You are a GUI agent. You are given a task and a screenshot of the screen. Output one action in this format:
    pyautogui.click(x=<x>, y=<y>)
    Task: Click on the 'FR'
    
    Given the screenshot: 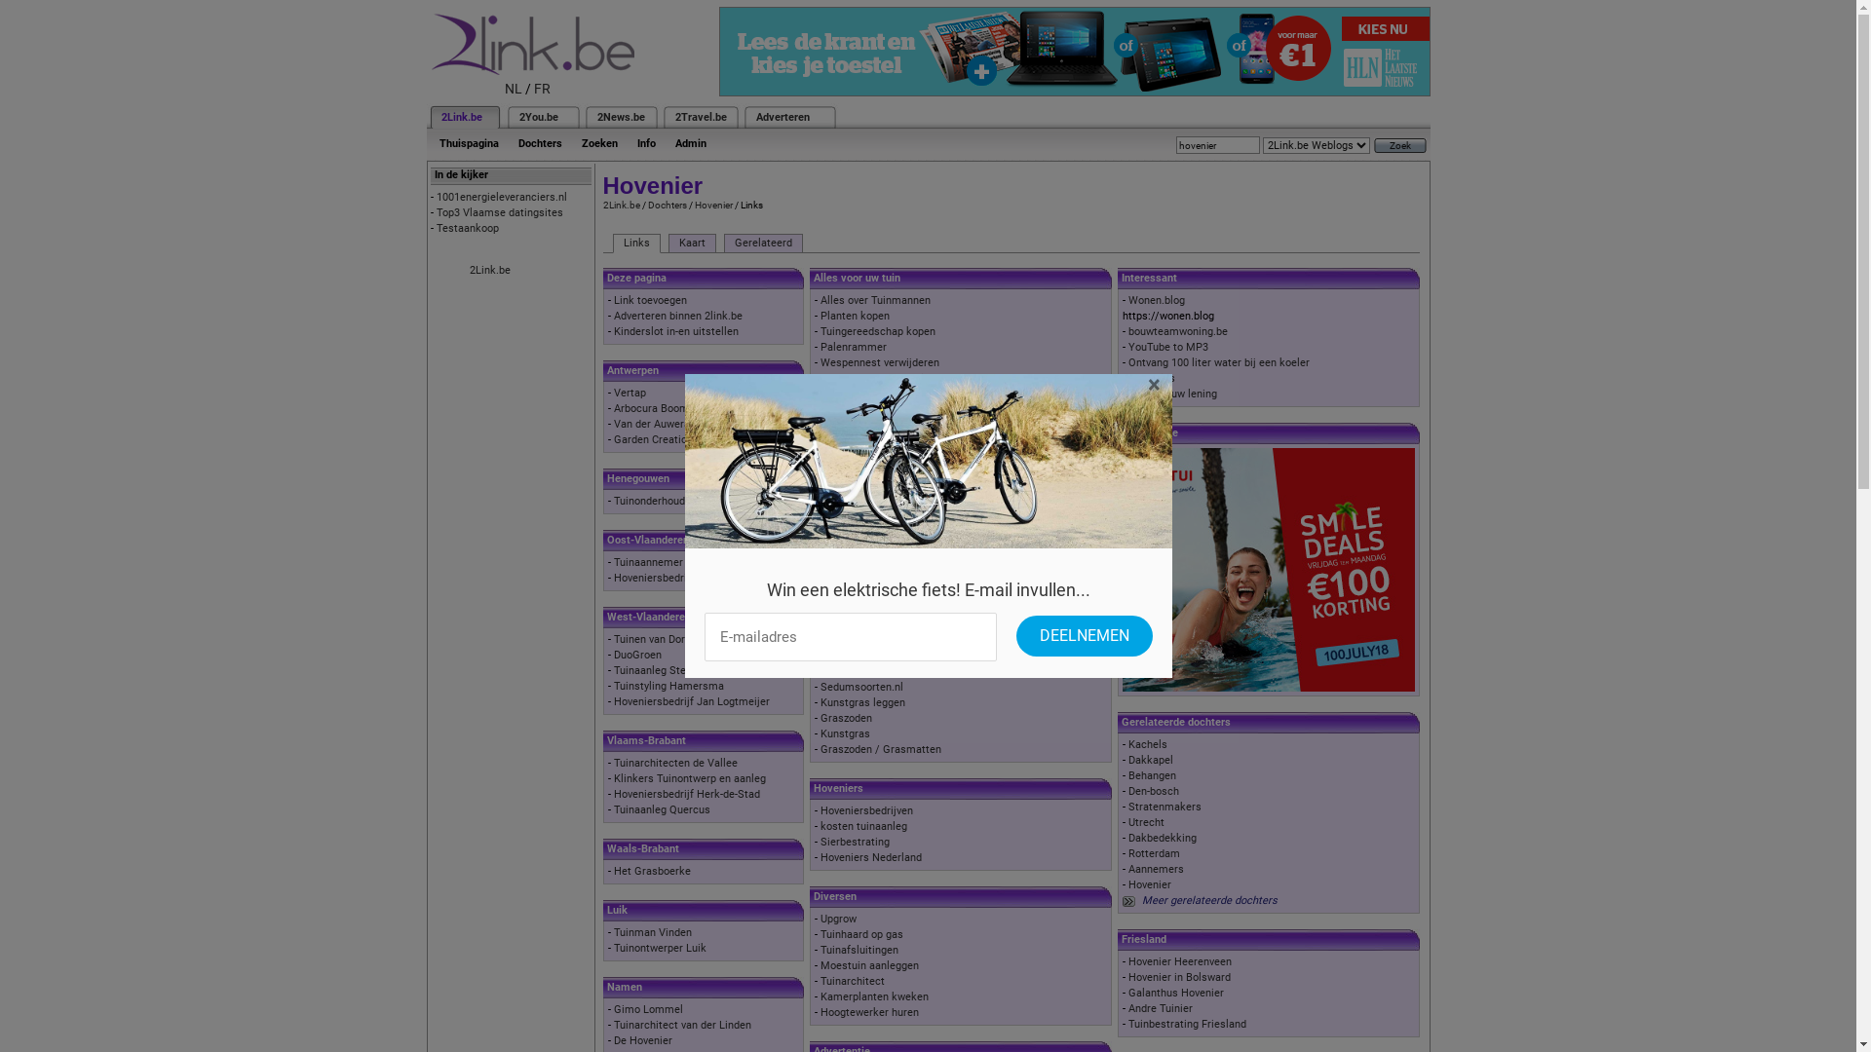 What is the action you would take?
    pyautogui.click(x=542, y=89)
    